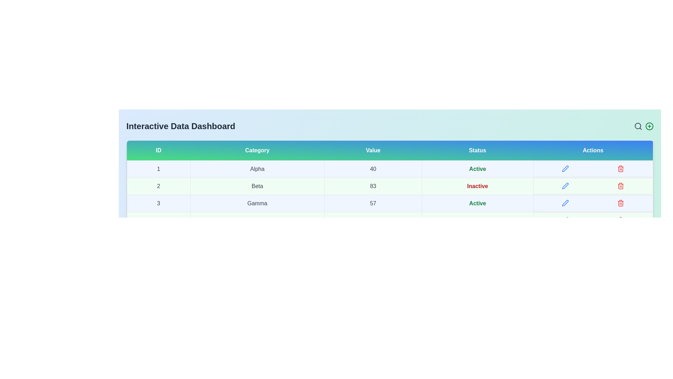 The width and height of the screenshot is (673, 379). Describe the element at coordinates (649, 126) in the screenshot. I see `the add icon to add new data` at that location.